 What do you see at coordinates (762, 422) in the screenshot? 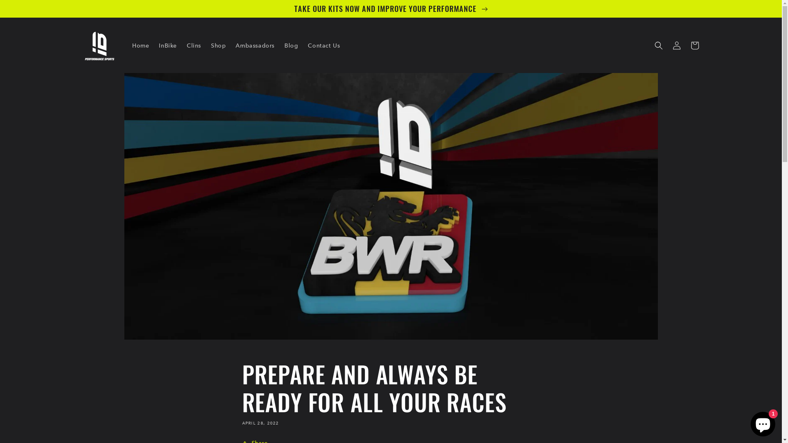
I see `'Shopify online store chat'` at bounding box center [762, 422].